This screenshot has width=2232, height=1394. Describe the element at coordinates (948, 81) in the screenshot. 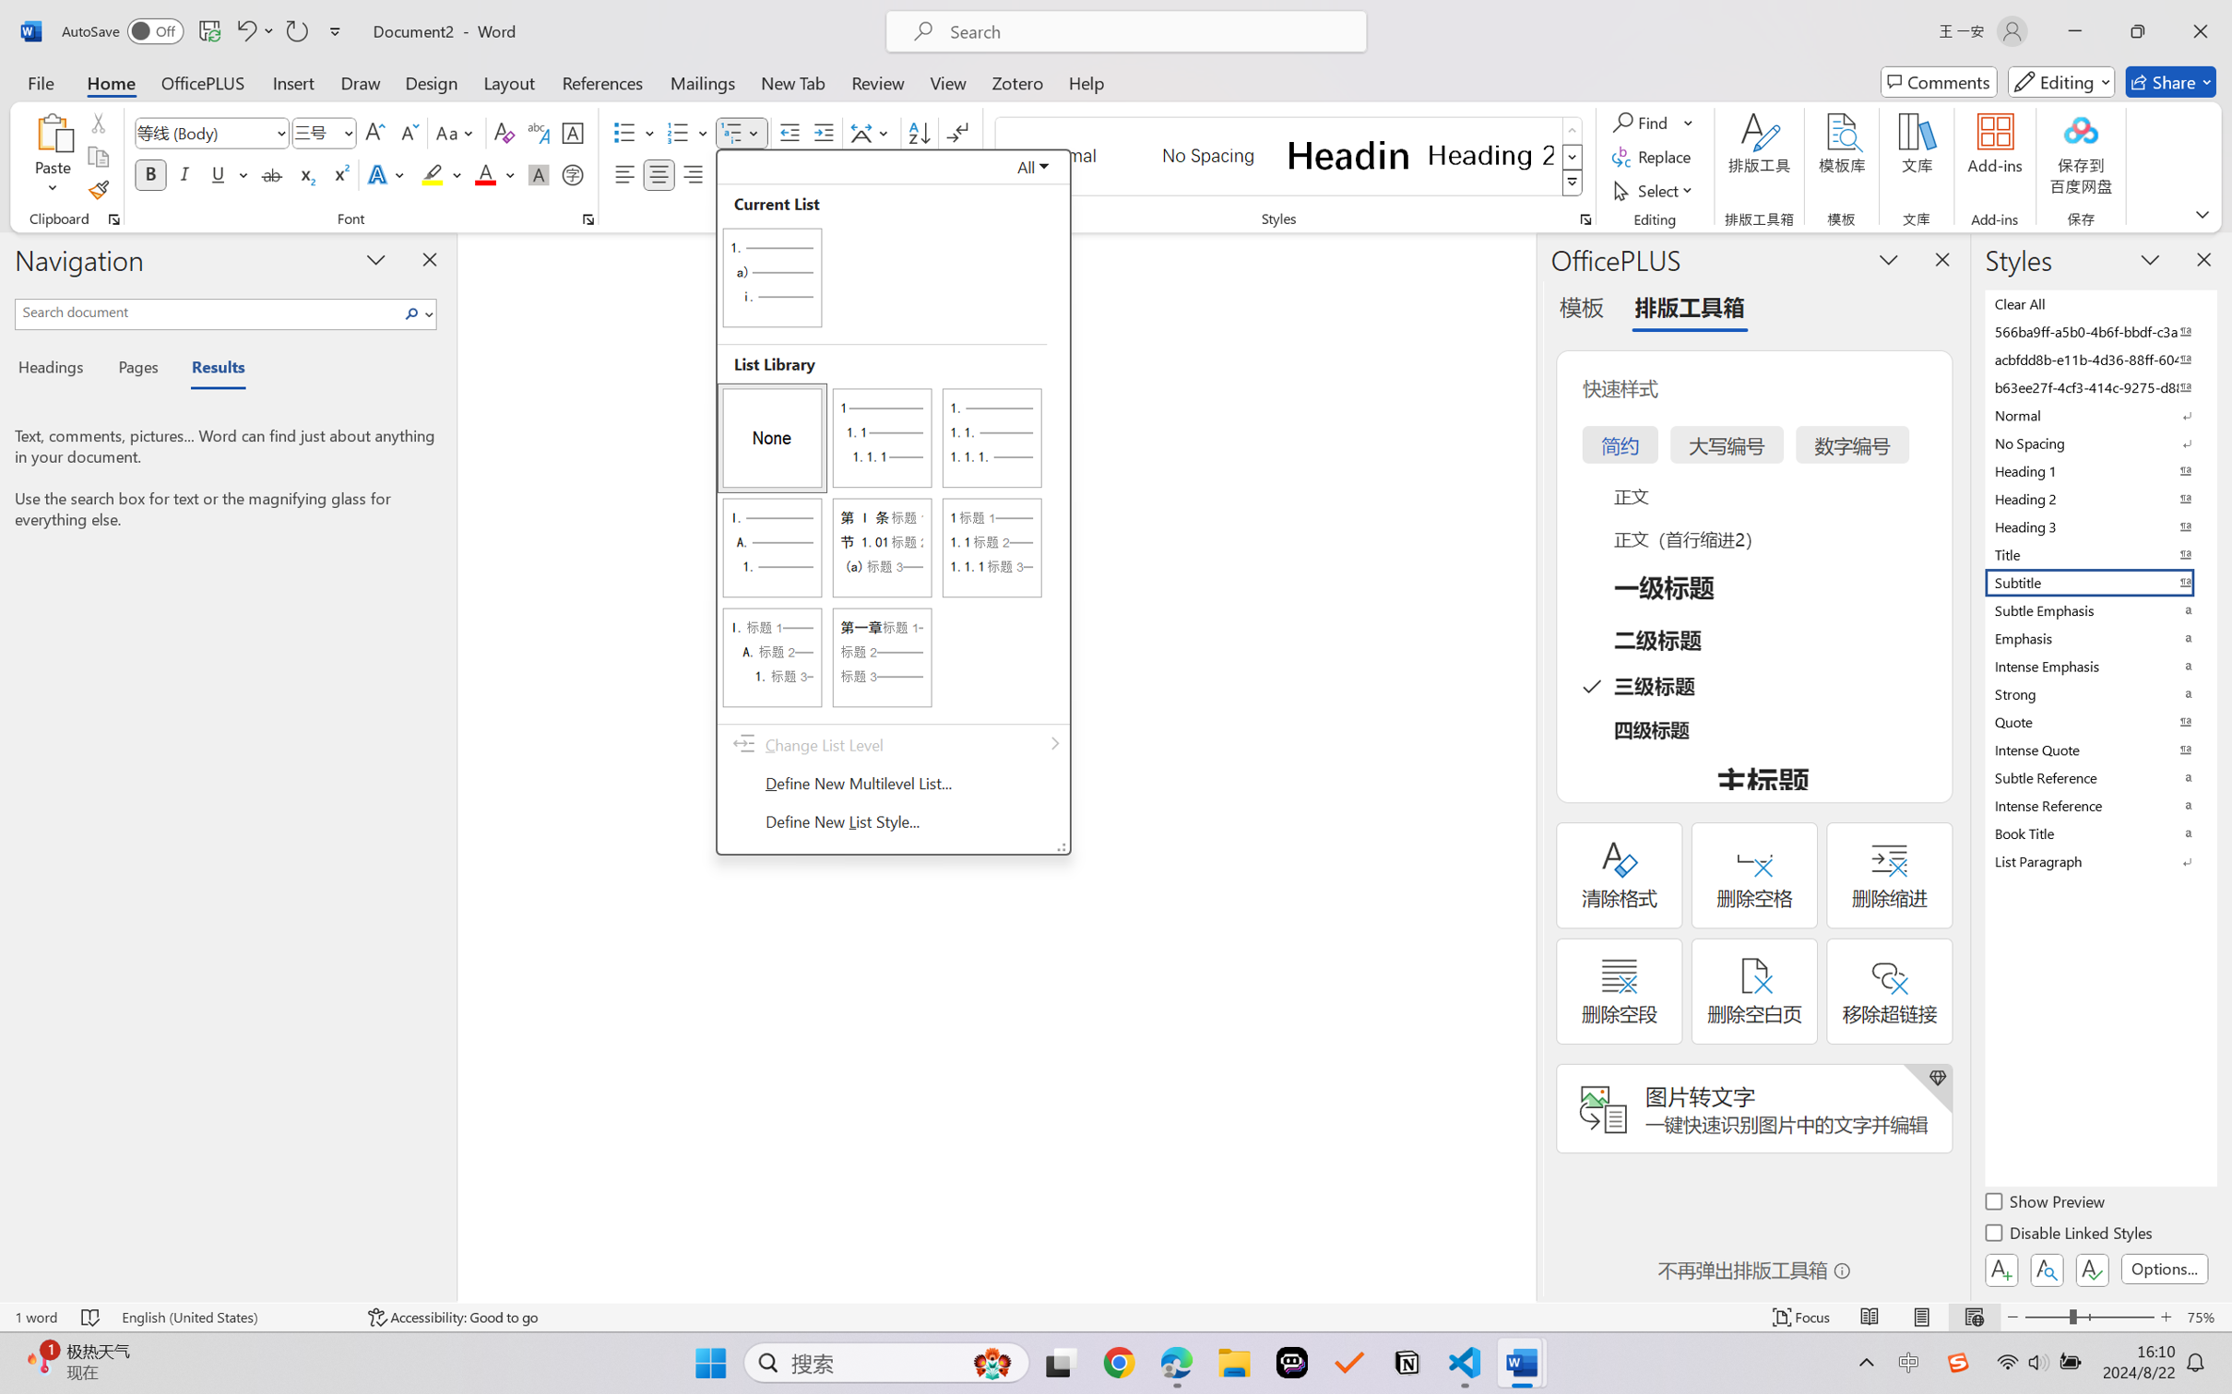

I see `'View'` at that location.